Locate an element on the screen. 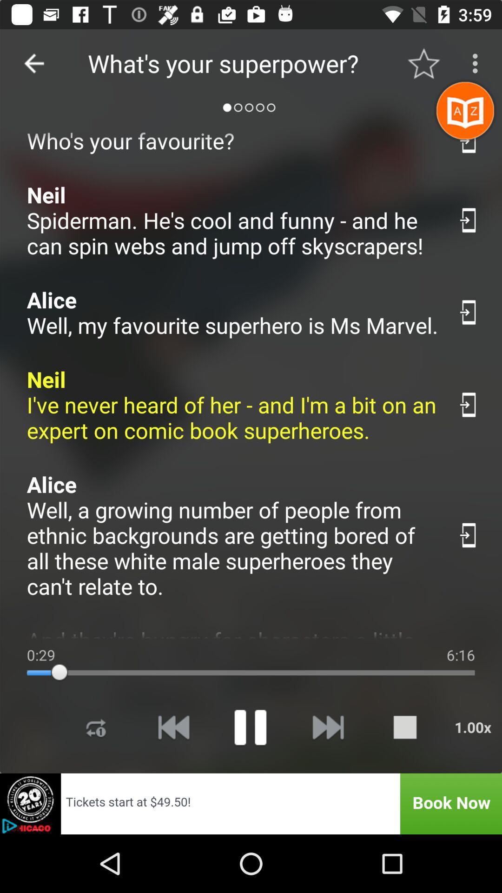  this page is located at coordinates (469, 312).